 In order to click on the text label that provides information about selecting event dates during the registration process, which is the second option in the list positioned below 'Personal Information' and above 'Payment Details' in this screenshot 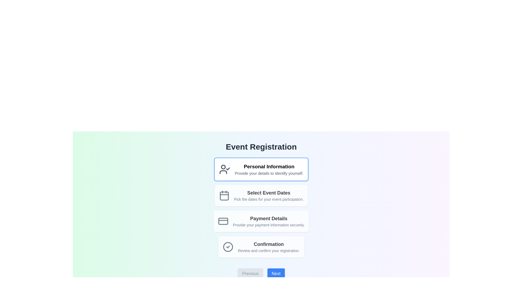, I will do `click(269, 196)`.